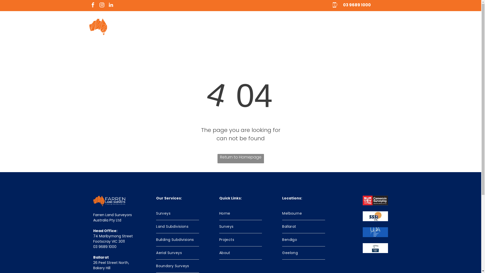 Image resolution: width=485 pixels, height=273 pixels. Describe the element at coordinates (177, 266) in the screenshot. I see `'Boundary Surveys'` at that location.